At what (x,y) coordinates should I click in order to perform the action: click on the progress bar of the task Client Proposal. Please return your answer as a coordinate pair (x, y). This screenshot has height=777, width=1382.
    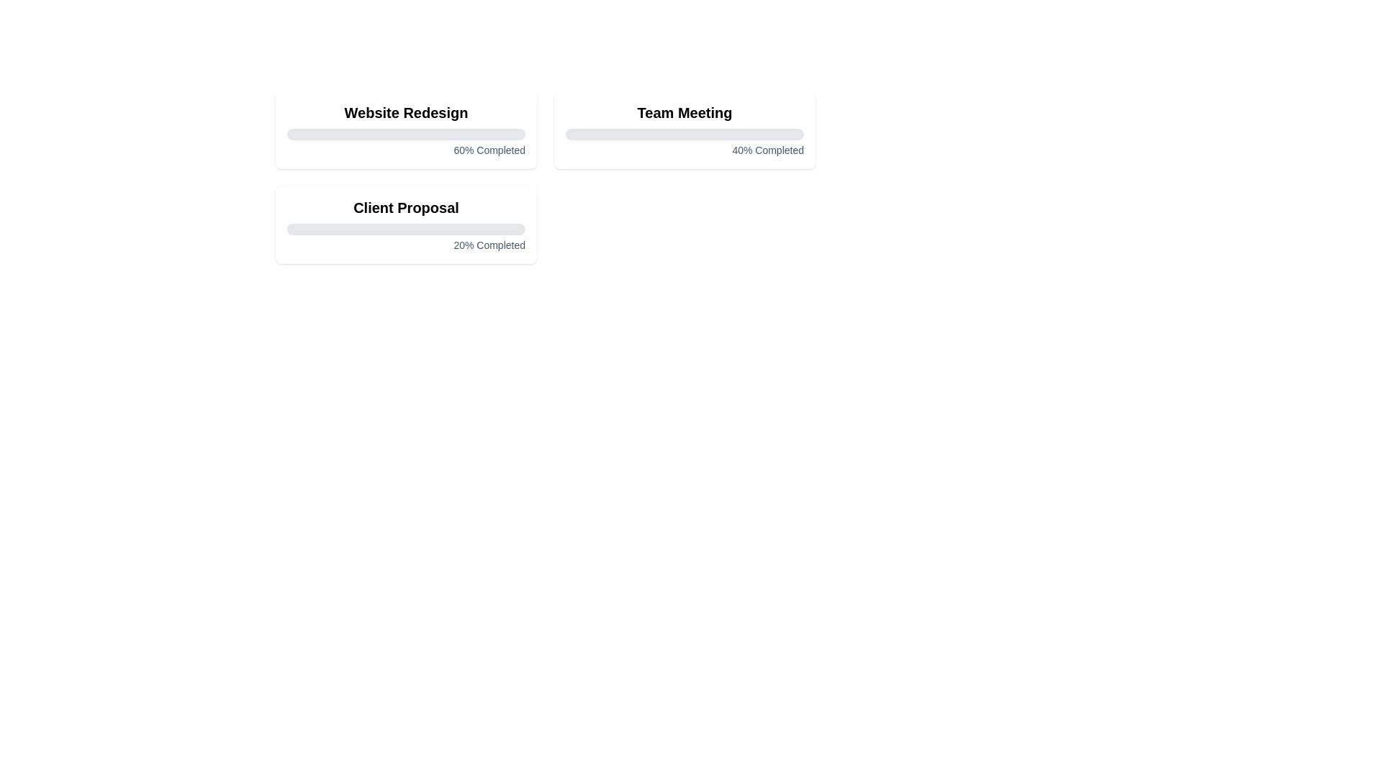
    Looking at the image, I should click on (405, 229).